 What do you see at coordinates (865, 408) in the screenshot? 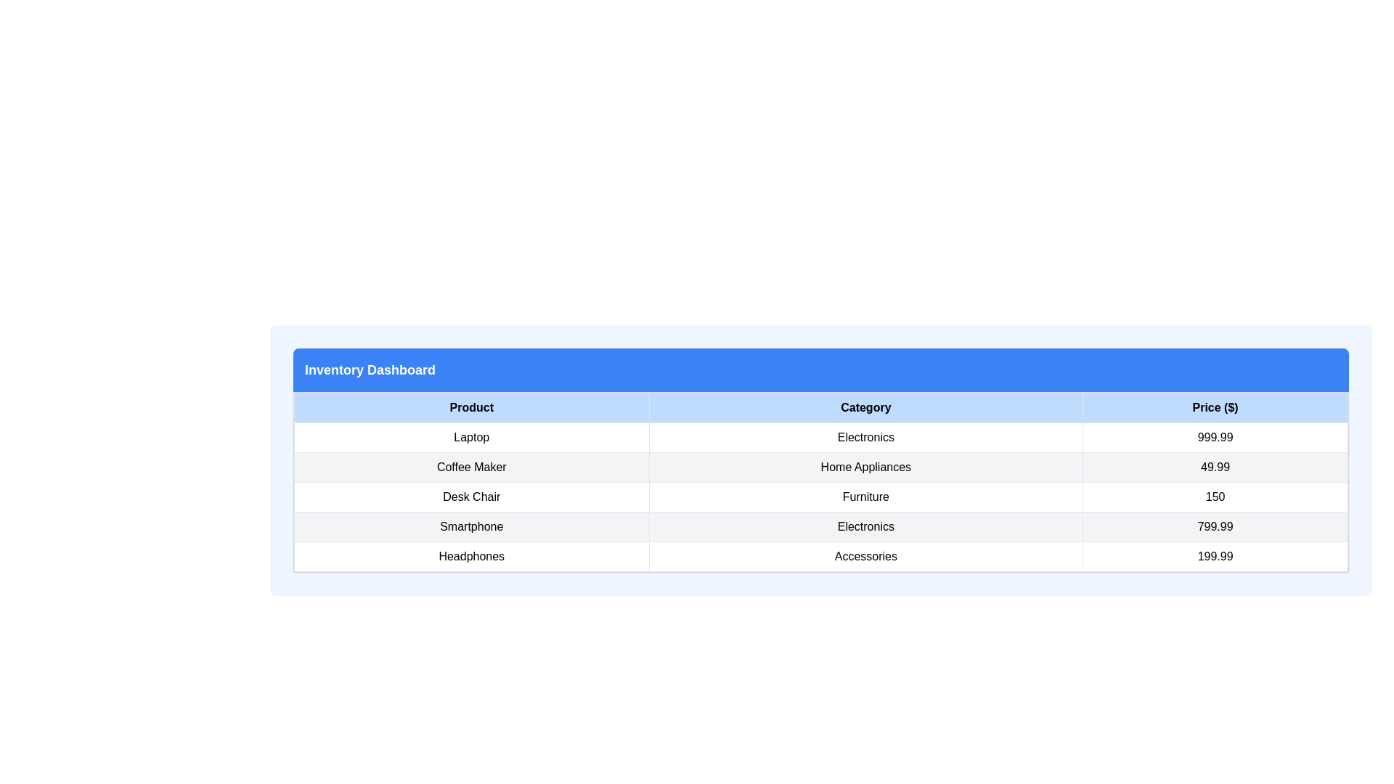
I see `the 'Category' text element located in the second column of the table header, which is styled with padding and a border, directly below the blue header section` at bounding box center [865, 408].